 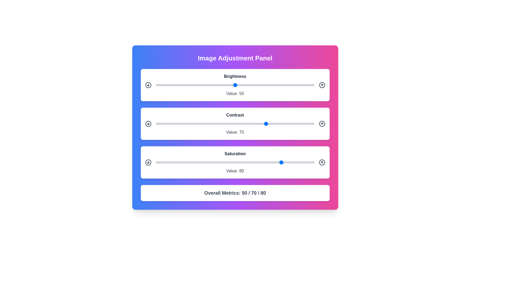 I want to click on displayed text from the Text label located at the bottom of the 'Image Adjustment Panel', which summarizes metrics for brightness, contrast, and saturation adjustments, so click(x=235, y=193).